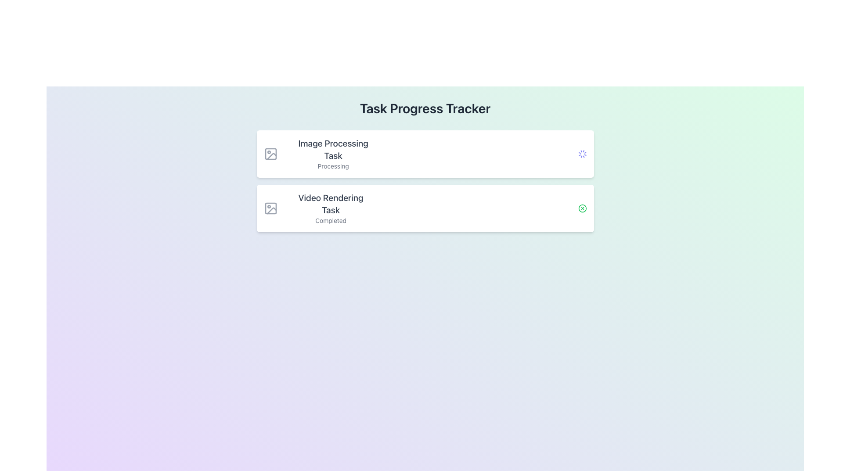 The width and height of the screenshot is (843, 474). What do you see at coordinates (316, 208) in the screenshot?
I see `task details from the task summary display component labeled 'Video Rendering Task' with the status 'Completed'` at bounding box center [316, 208].